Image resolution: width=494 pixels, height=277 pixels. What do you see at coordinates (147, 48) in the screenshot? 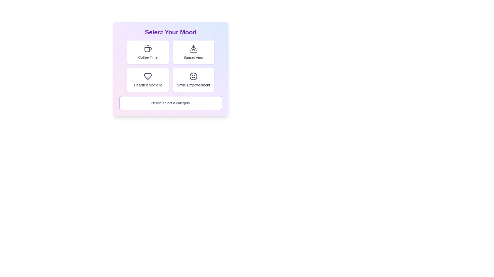
I see `the coffee cup icon, which is a minimalistic outline styled graphic located in the 'Coffee Time' section of the interface` at bounding box center [147, 48].